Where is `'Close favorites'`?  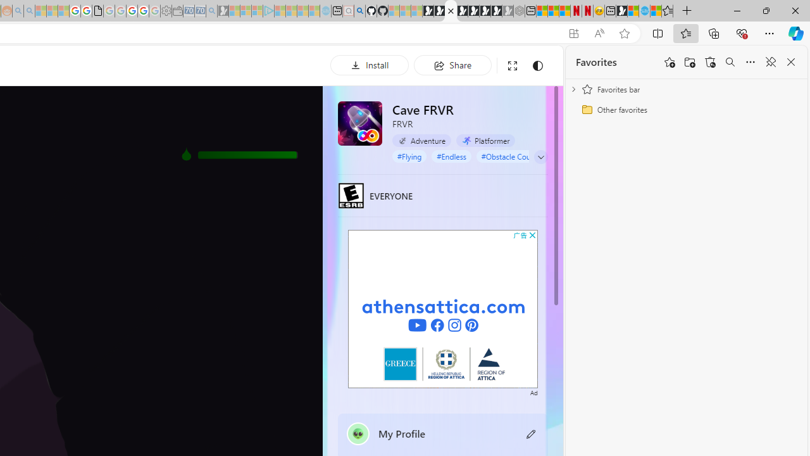 'Close favorites' is located at coordinates (790, 62).